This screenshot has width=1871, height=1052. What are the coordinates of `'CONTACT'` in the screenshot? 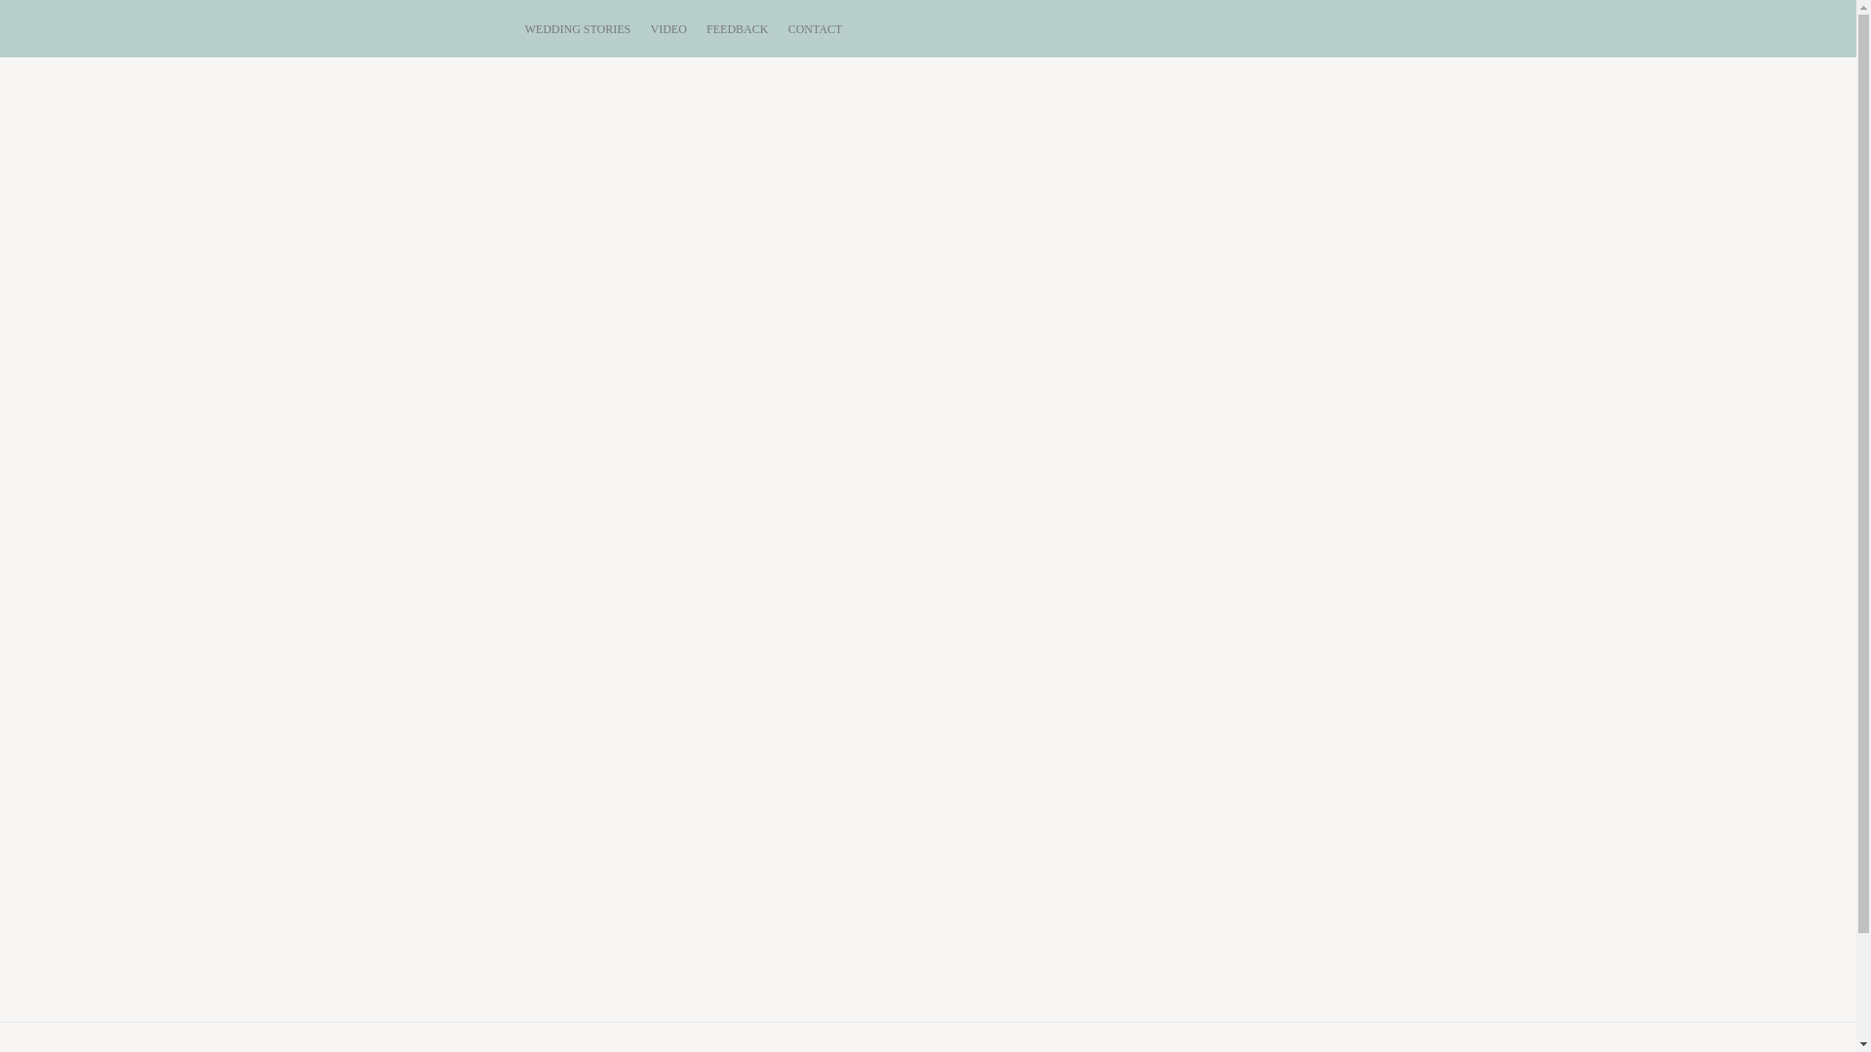 It's located at (815, 29).